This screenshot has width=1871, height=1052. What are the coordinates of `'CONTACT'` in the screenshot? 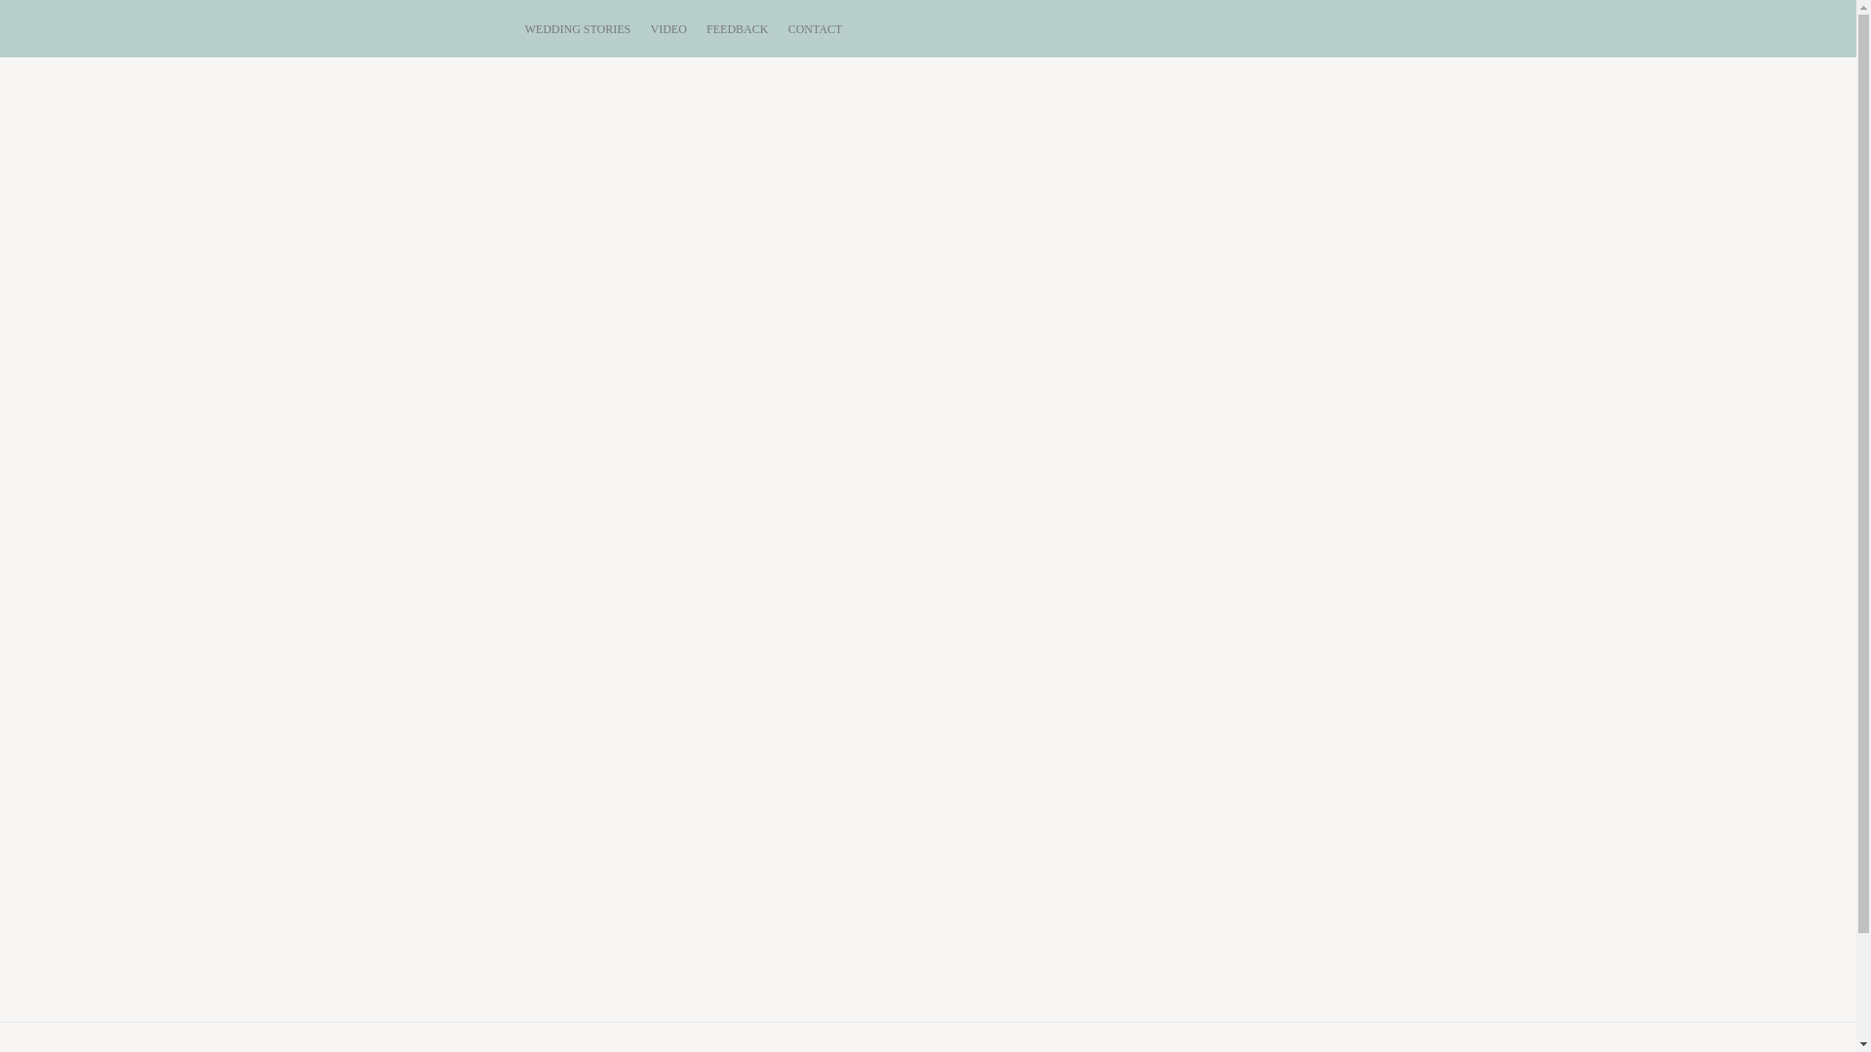 It's located at (815, 29).